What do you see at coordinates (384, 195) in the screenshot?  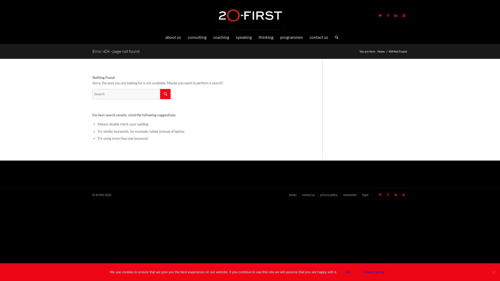 I see `'Facebook'` at bounding box center [384, 195].